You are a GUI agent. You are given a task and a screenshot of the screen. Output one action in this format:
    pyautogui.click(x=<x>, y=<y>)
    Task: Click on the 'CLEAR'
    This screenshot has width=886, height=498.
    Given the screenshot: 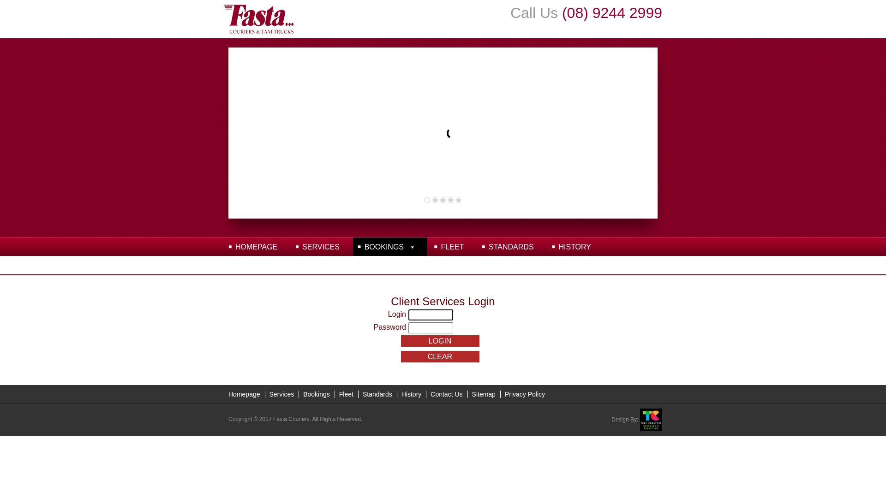 What is the action you would take?
    pyautogui.click(x=439, y=356)
    